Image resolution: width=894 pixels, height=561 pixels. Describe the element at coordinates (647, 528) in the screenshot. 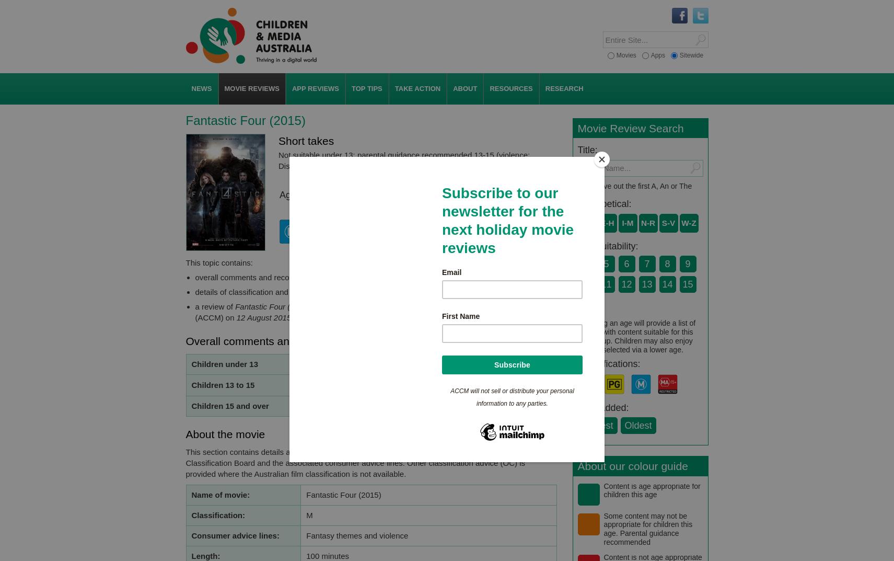

I see `'Some content may not be appropriate for children this age. Parental guidance recommended'` at that location.